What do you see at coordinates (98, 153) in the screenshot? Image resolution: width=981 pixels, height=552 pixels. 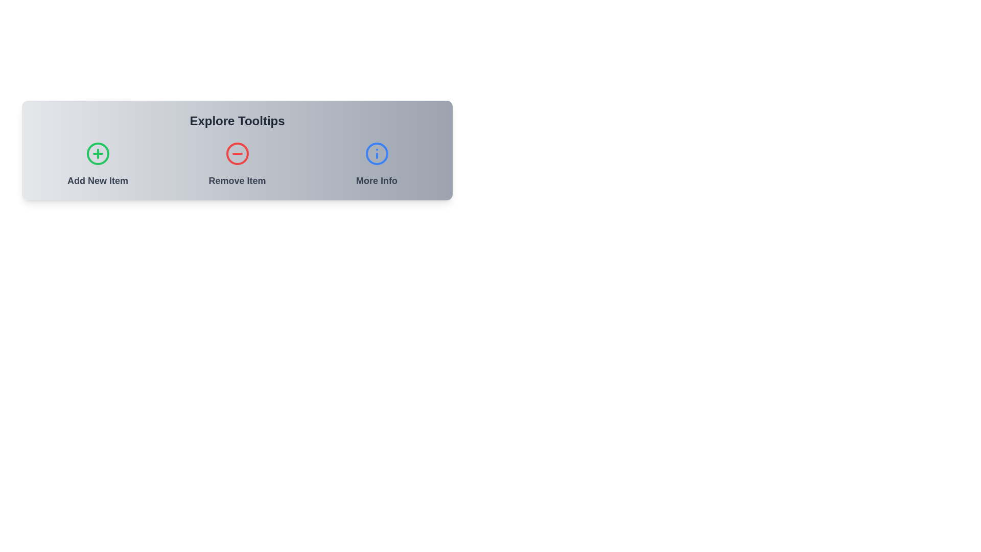 I see `the green circular shape that is the central figure of the 'Add New Item' icon button, which is the leftmost icon in a row of three icons` at bounding box center [98, 153].